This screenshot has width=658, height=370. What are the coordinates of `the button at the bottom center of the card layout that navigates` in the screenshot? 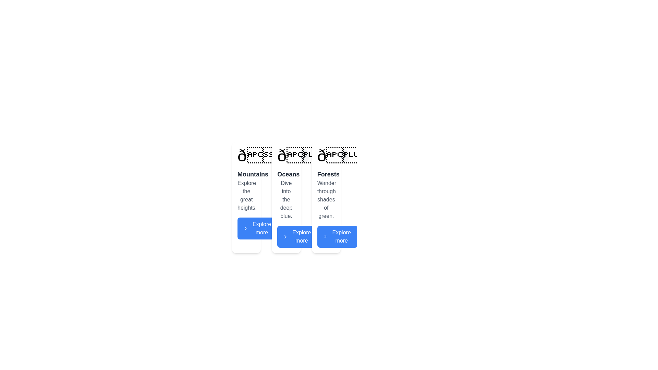 It's located at (297, 236).